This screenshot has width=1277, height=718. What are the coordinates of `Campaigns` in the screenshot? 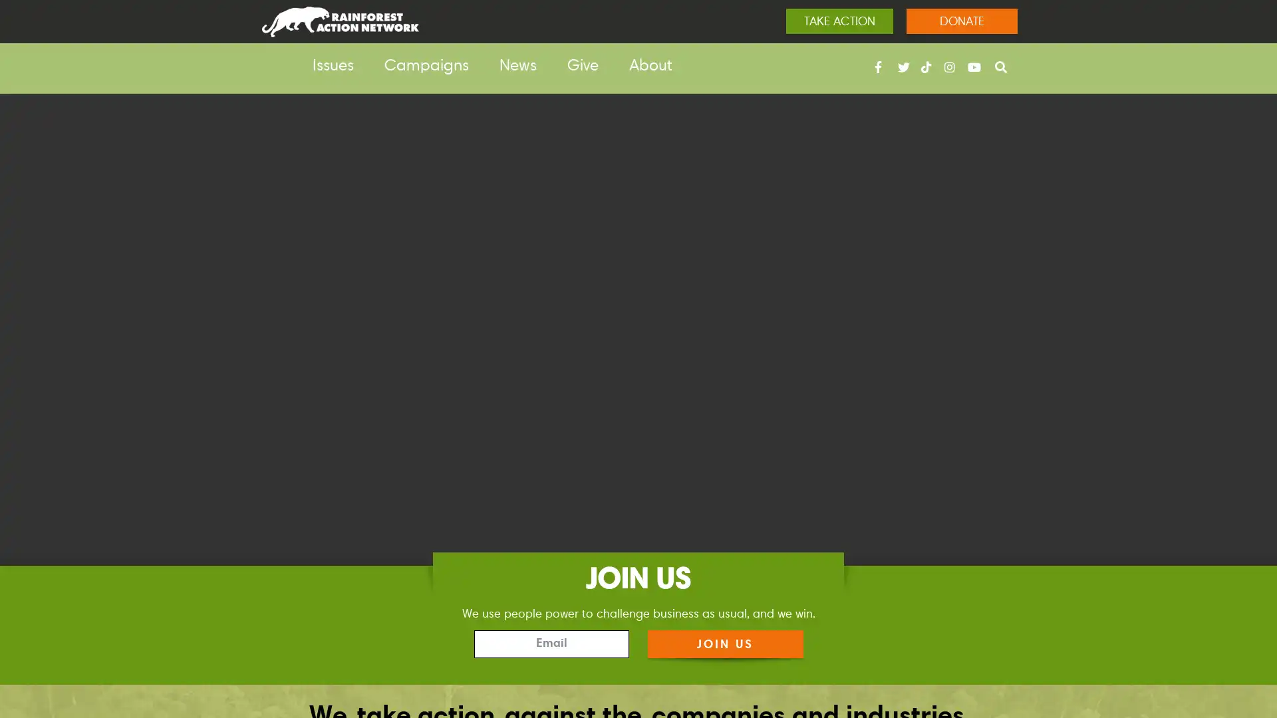 It's located at (426, 66).